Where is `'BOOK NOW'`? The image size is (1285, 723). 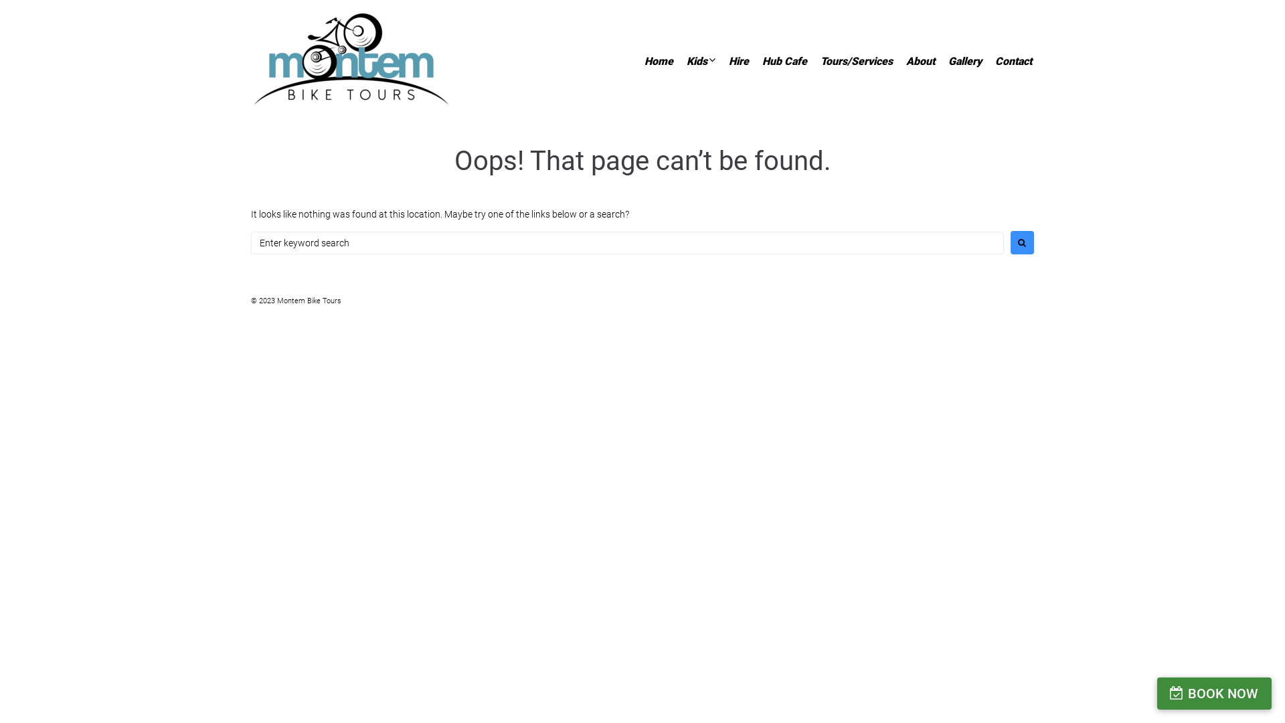 'BOOK NOW' is located at coordinates (1156, 693).